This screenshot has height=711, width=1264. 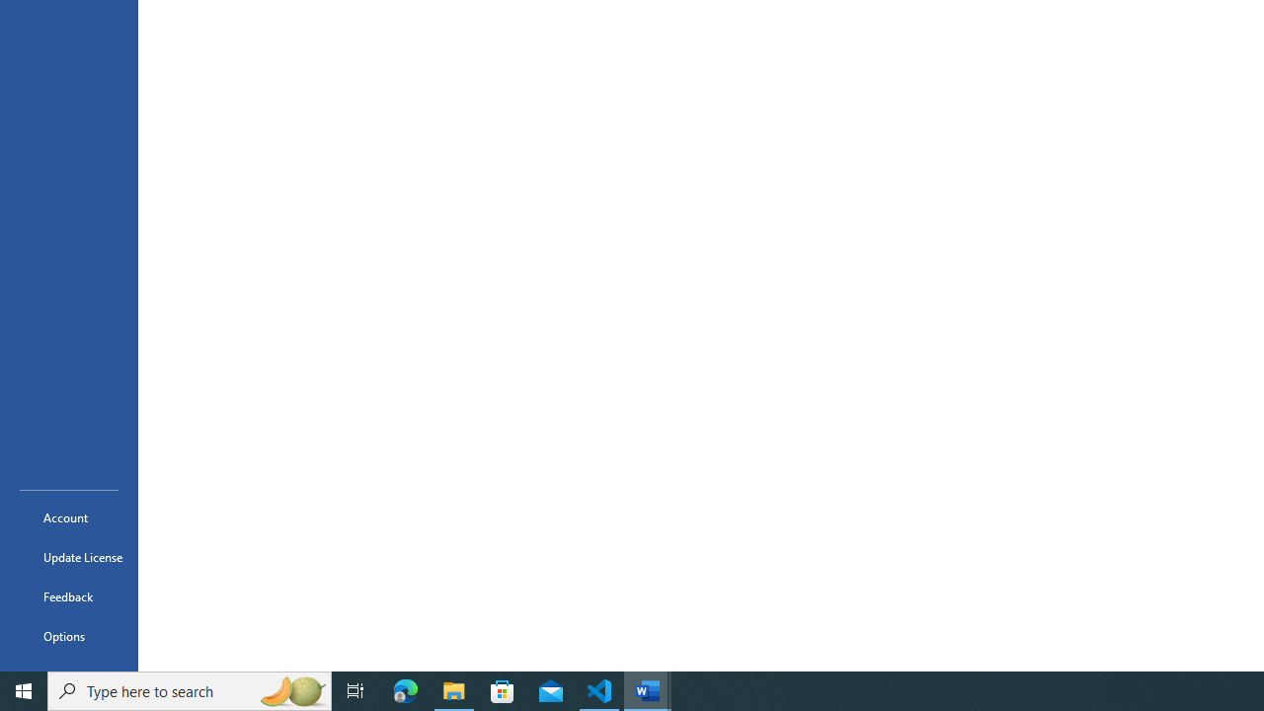 I want to click on 'Update License', so click(x=68, y=557).